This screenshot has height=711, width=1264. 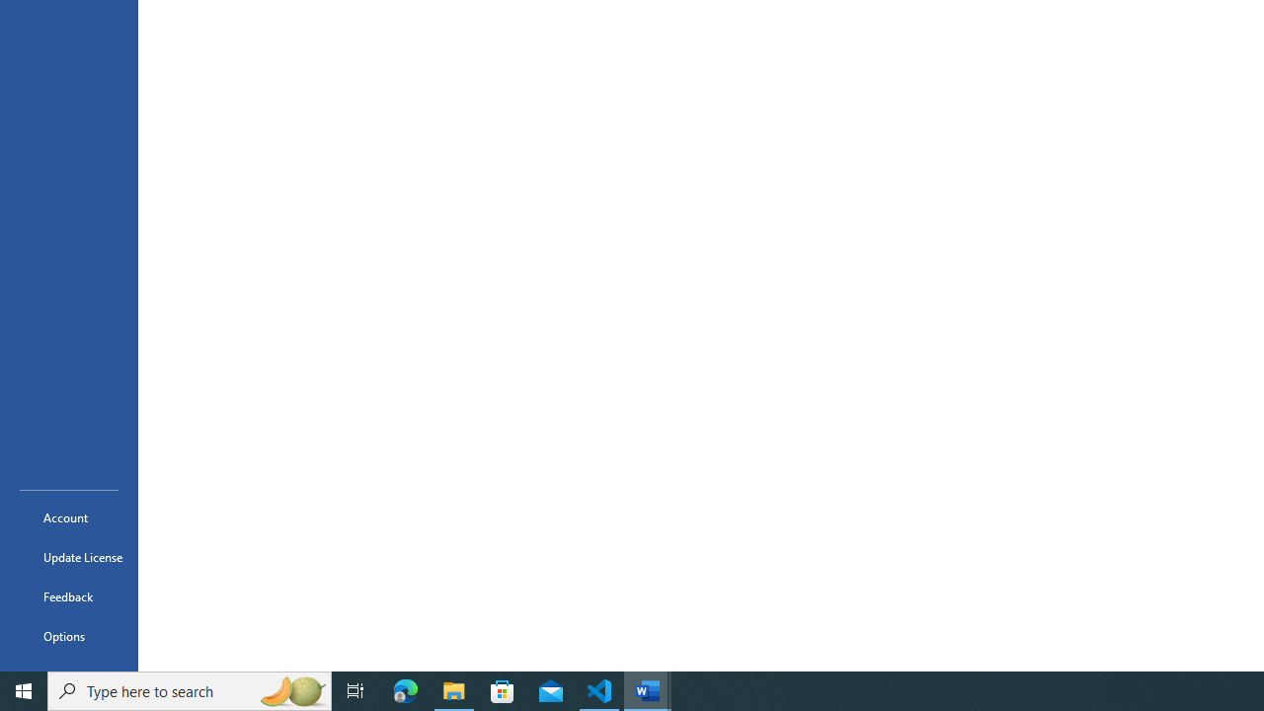 I want to click on 'Update License', so click(x=68, y=557).